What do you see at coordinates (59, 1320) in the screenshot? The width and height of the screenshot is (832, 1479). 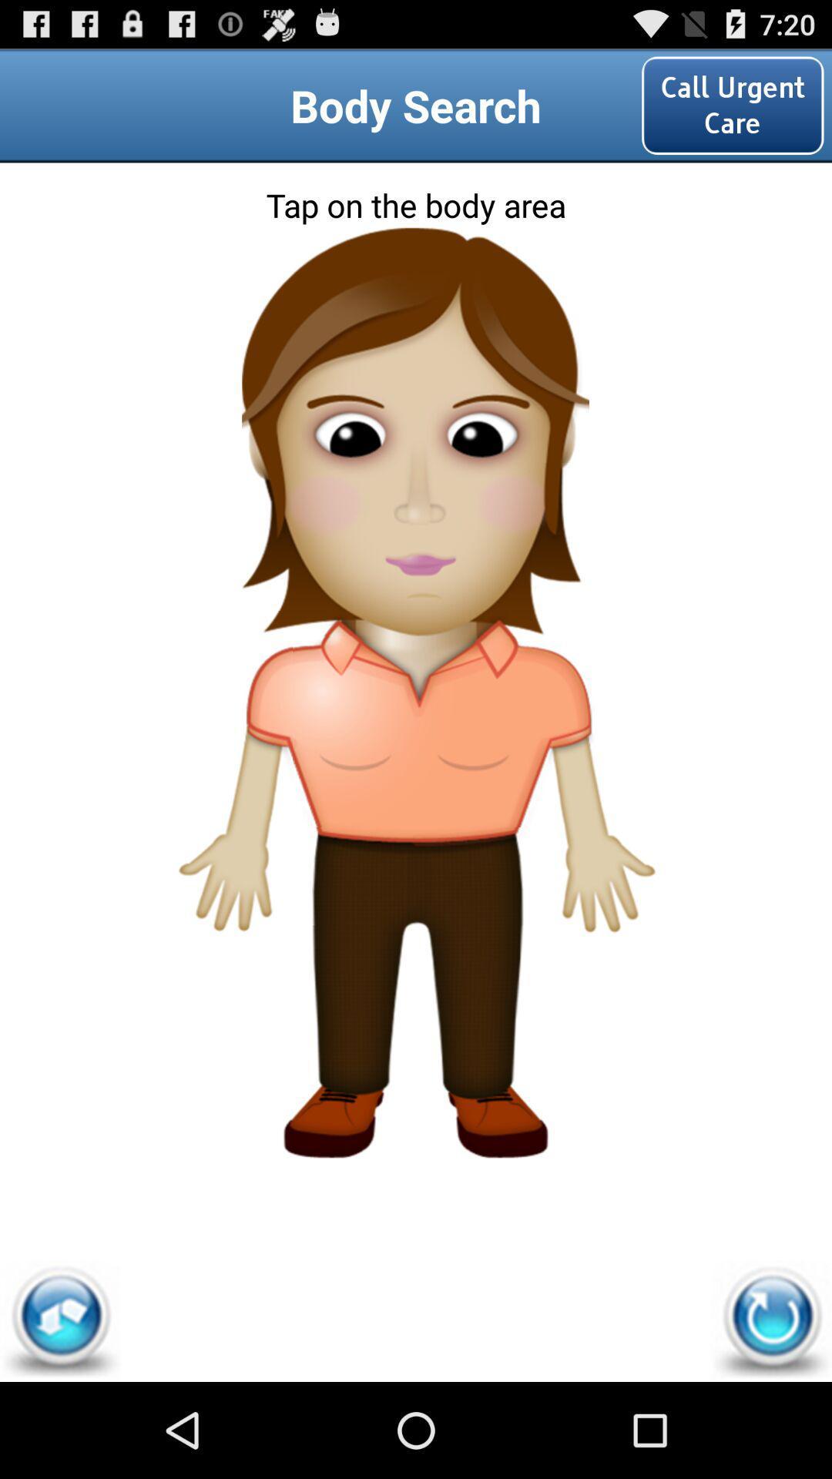 I see `icon below tap on the app` at bounding box center [59, 1320].